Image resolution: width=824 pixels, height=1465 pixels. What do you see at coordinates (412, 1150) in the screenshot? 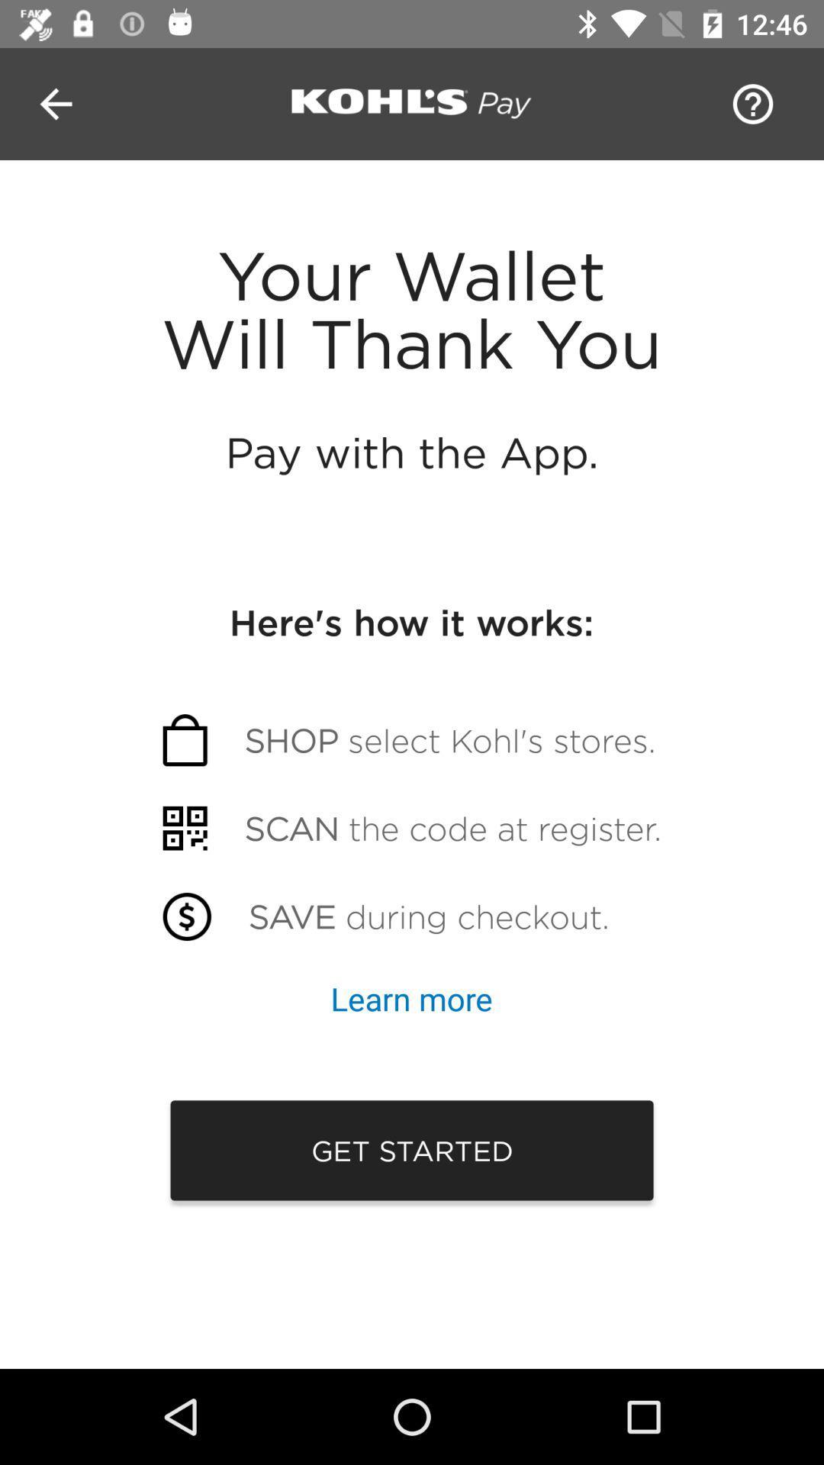
I see `get started` at bounding box center [412, 1150].